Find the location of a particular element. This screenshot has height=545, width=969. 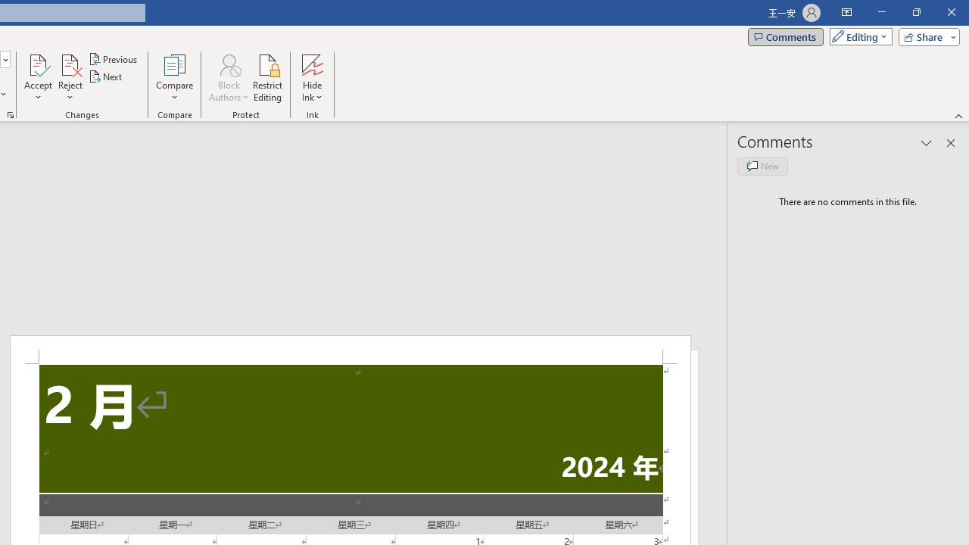

'Reject and Move to Next' is located at coordinates (69, 64).